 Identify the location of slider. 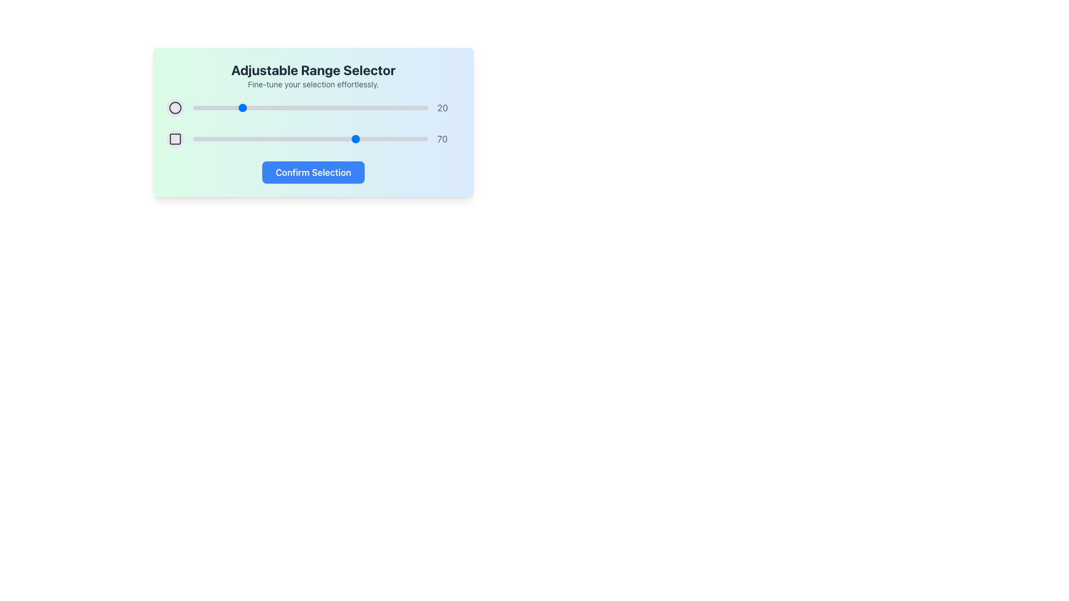
(294, 107).